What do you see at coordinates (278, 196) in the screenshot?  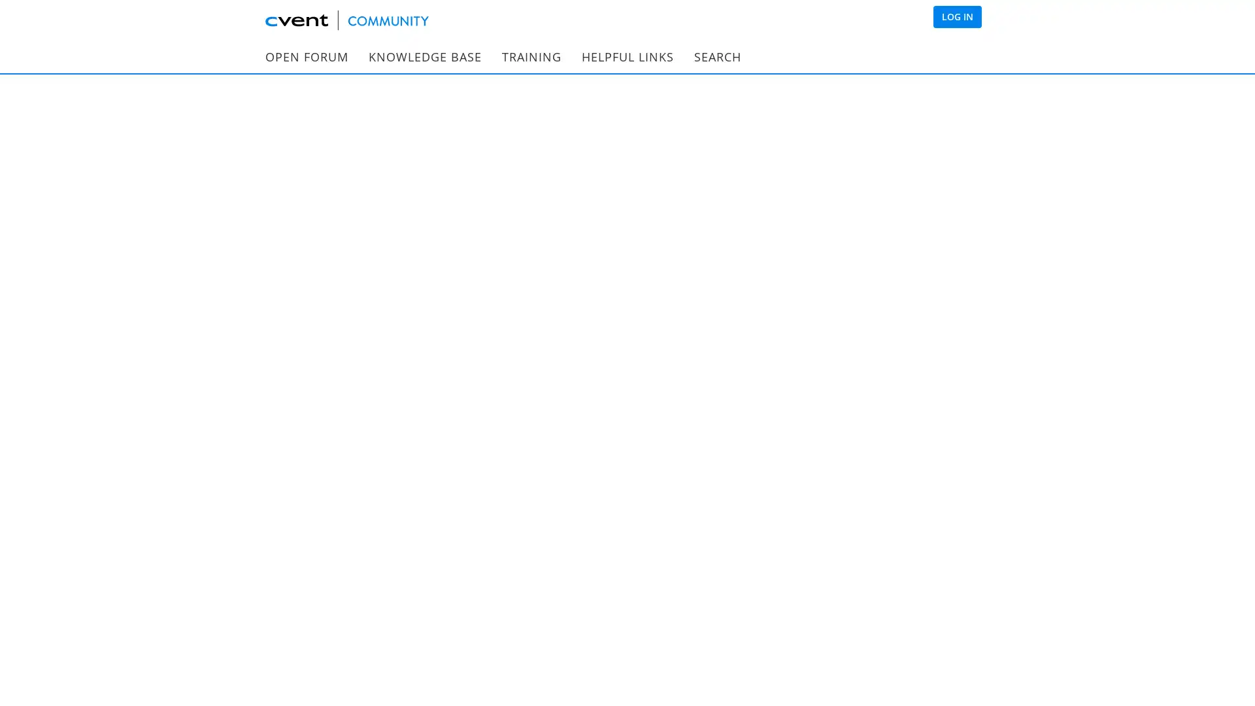 I see `FAQ` at bounding box center [278, 196].